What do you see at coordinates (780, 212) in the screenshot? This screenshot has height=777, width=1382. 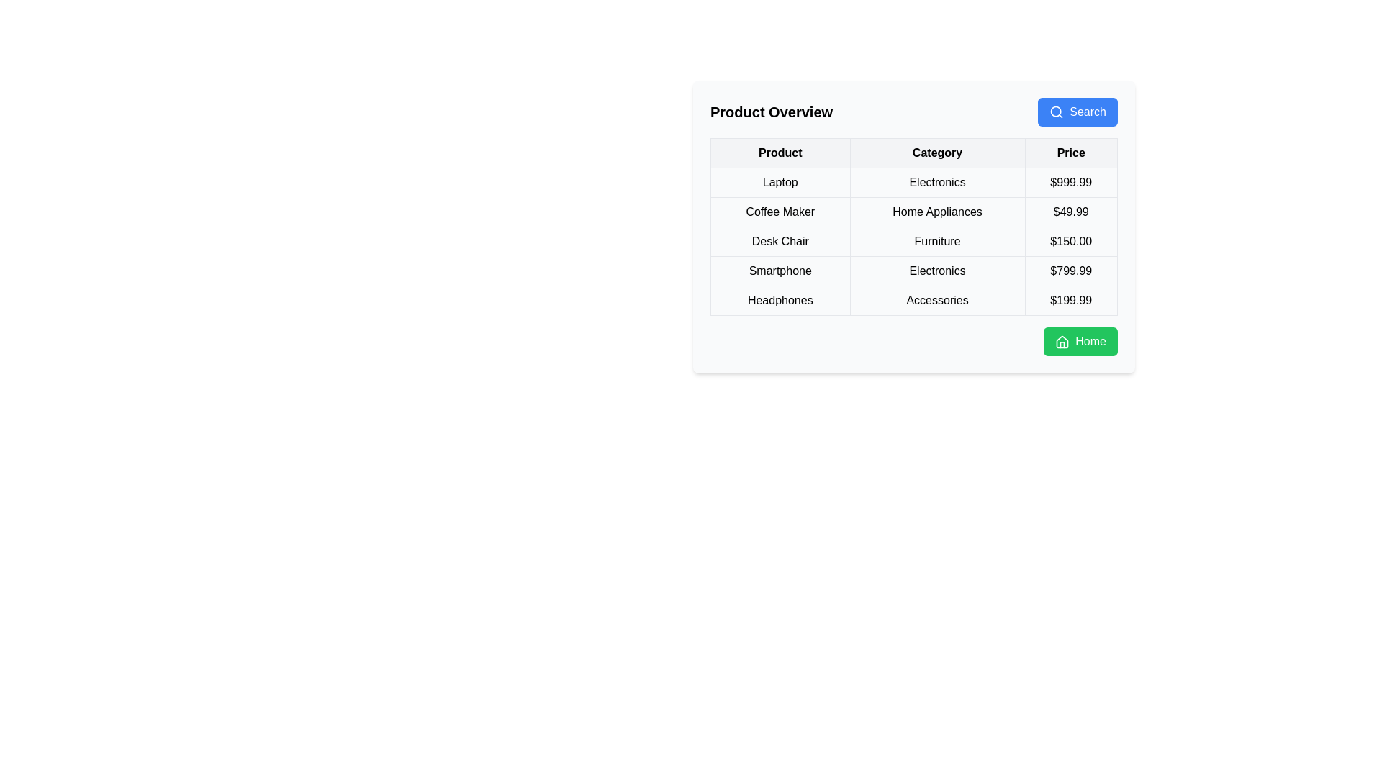 I see `the 'Coffee Maker' text display element located in the second row of the product column within the table structure` at bounding box center [780, 212].